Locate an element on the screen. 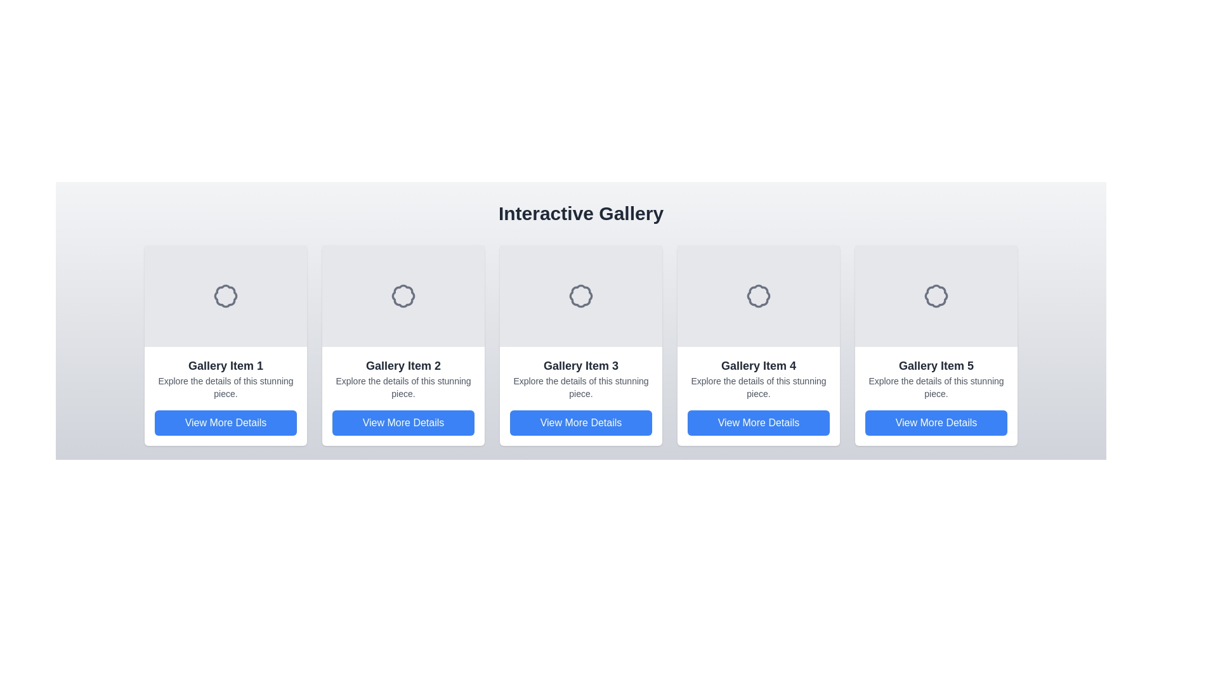 The image size is (1218, 685). the composite UI component for 'Gallery Item 3' to enable accessibility interaction is located at coordinates (580, 395).